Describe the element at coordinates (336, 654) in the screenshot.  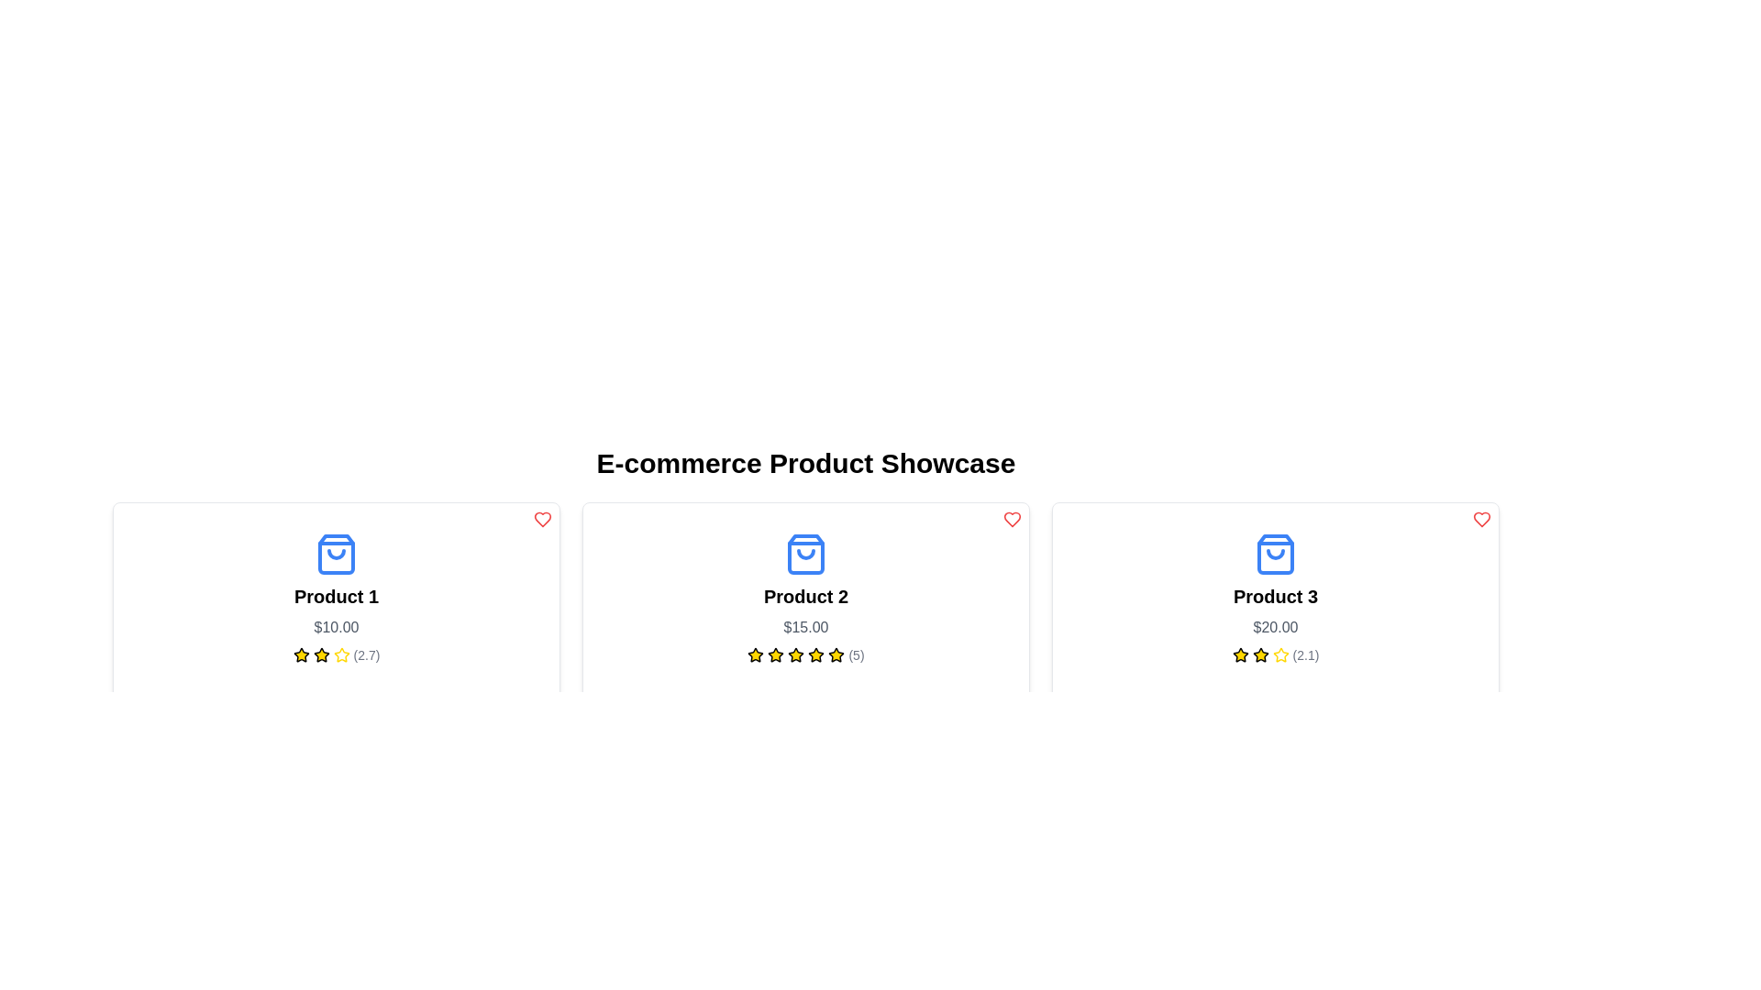
I see `displayed rating of the product, which is indicated by the stars and the text '(2.7)' located centrally below the price '$10.00' in the 'Product 1' card` at that location.